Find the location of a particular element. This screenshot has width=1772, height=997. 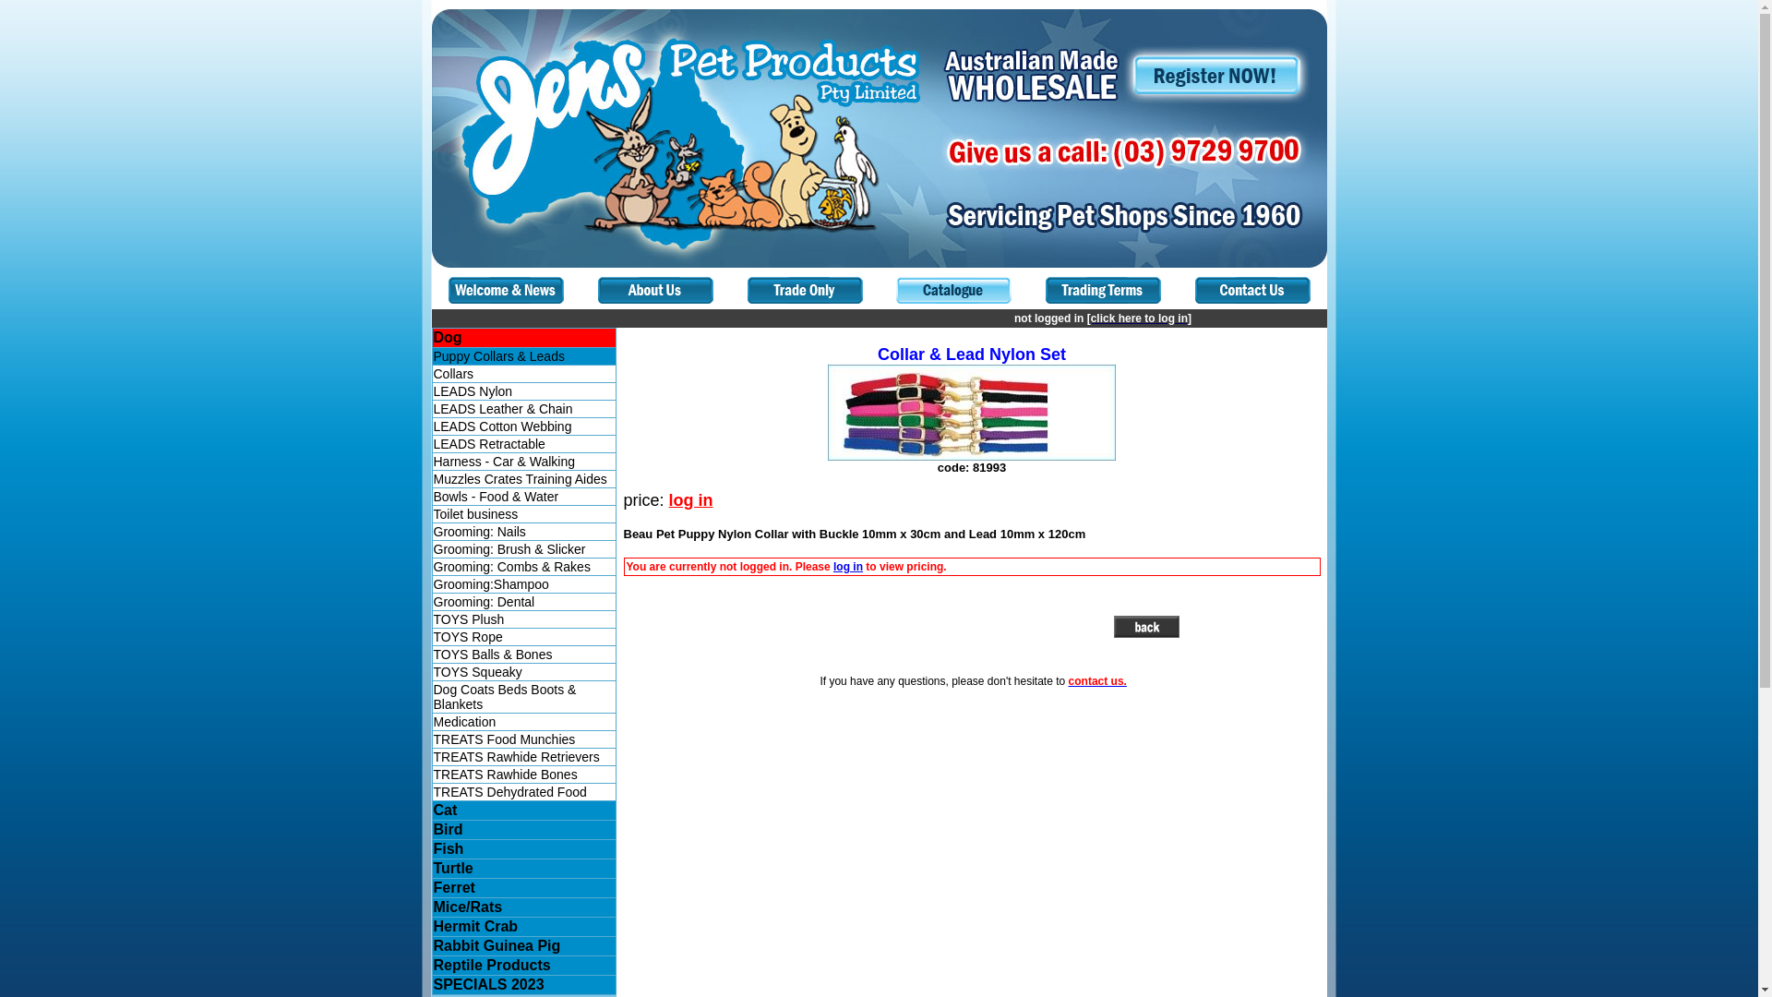

'LEADS Retractable' is located at coordinates (489, 444).